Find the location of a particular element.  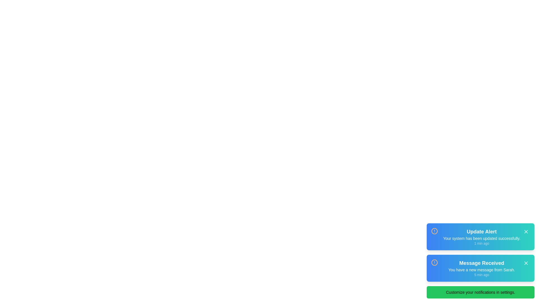

the 'Customize your notifications in settings' button is located at coordinates (480, 292).